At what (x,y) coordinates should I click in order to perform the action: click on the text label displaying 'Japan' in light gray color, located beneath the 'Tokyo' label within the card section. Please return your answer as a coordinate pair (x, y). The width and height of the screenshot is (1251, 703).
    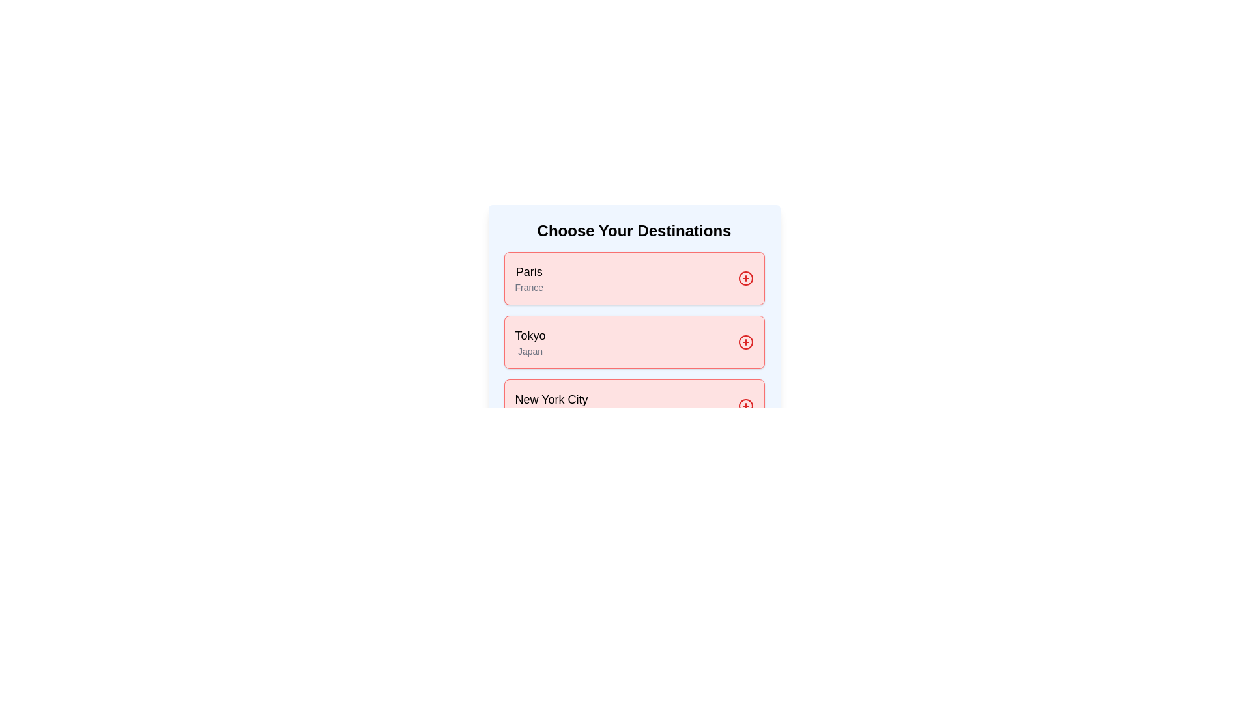
    Looking at the image, I should click on (530, 351).